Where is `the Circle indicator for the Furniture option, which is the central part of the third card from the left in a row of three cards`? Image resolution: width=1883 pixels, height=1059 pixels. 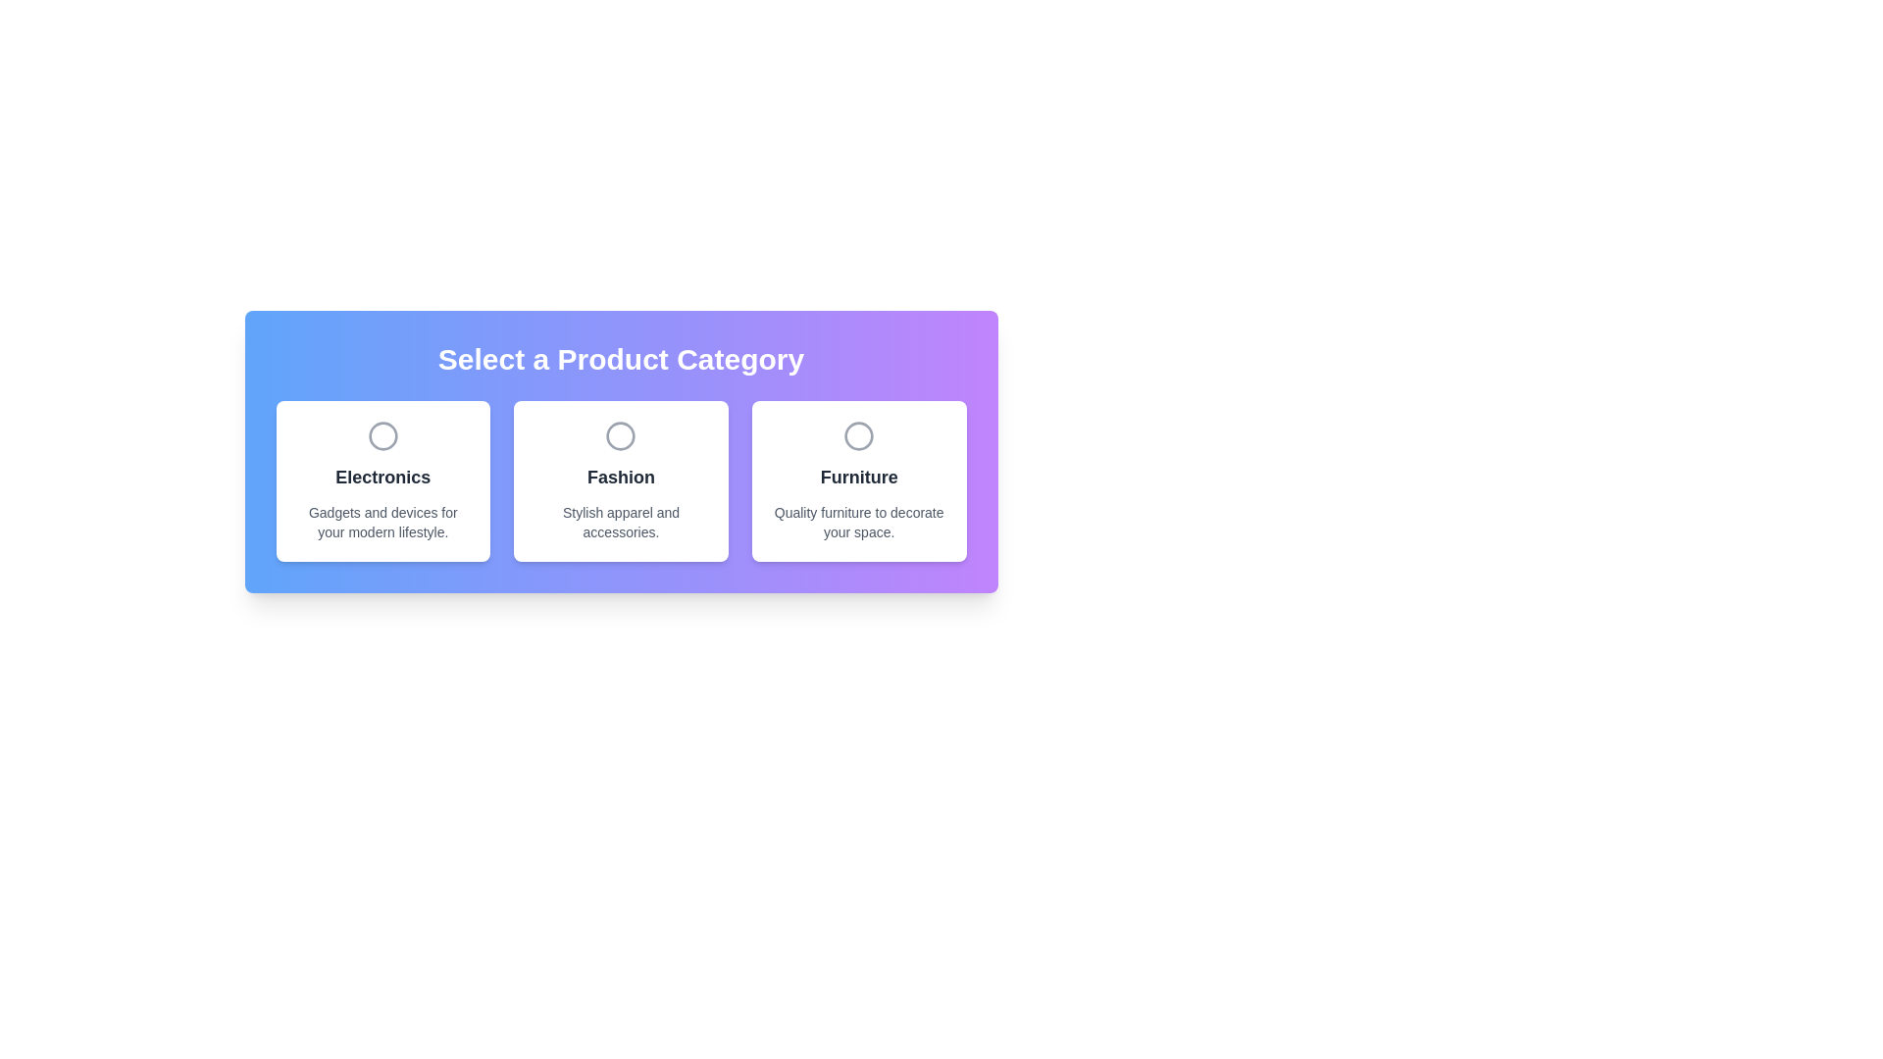 the Circle indicator for the Furniture option, which is the central part of the third card from the left in a row of three cards is located at coordinates (859, 434).